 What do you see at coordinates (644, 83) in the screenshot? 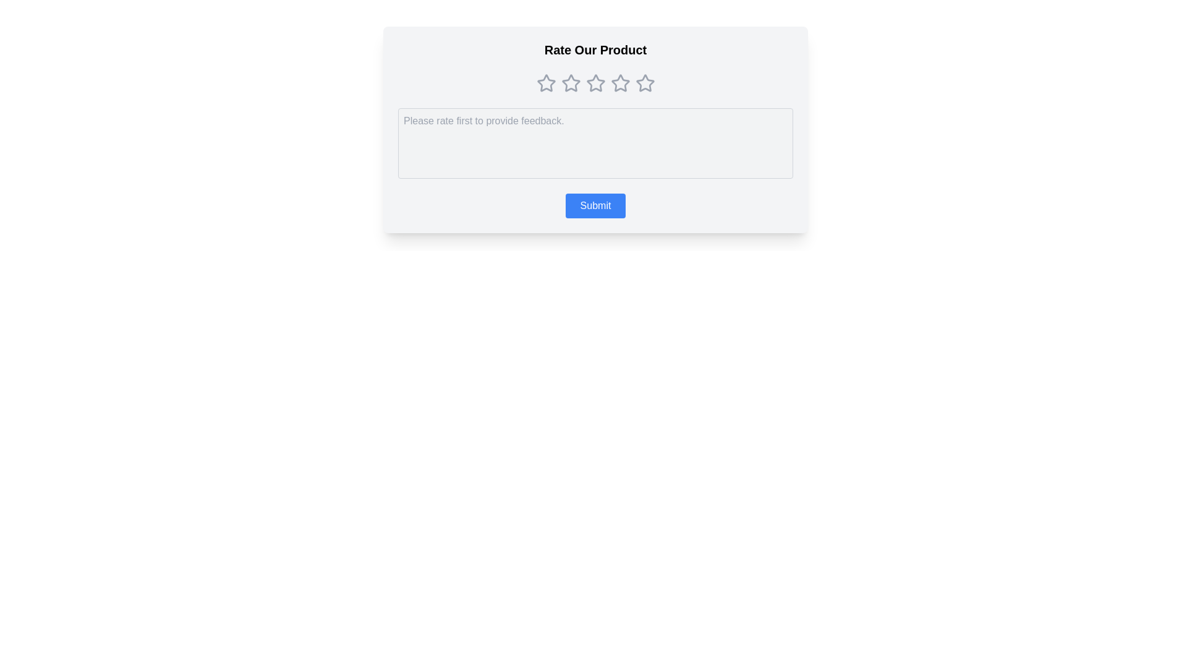
I see `on the fifth star in the 5-star rating system` at bounding box center [644, 83].